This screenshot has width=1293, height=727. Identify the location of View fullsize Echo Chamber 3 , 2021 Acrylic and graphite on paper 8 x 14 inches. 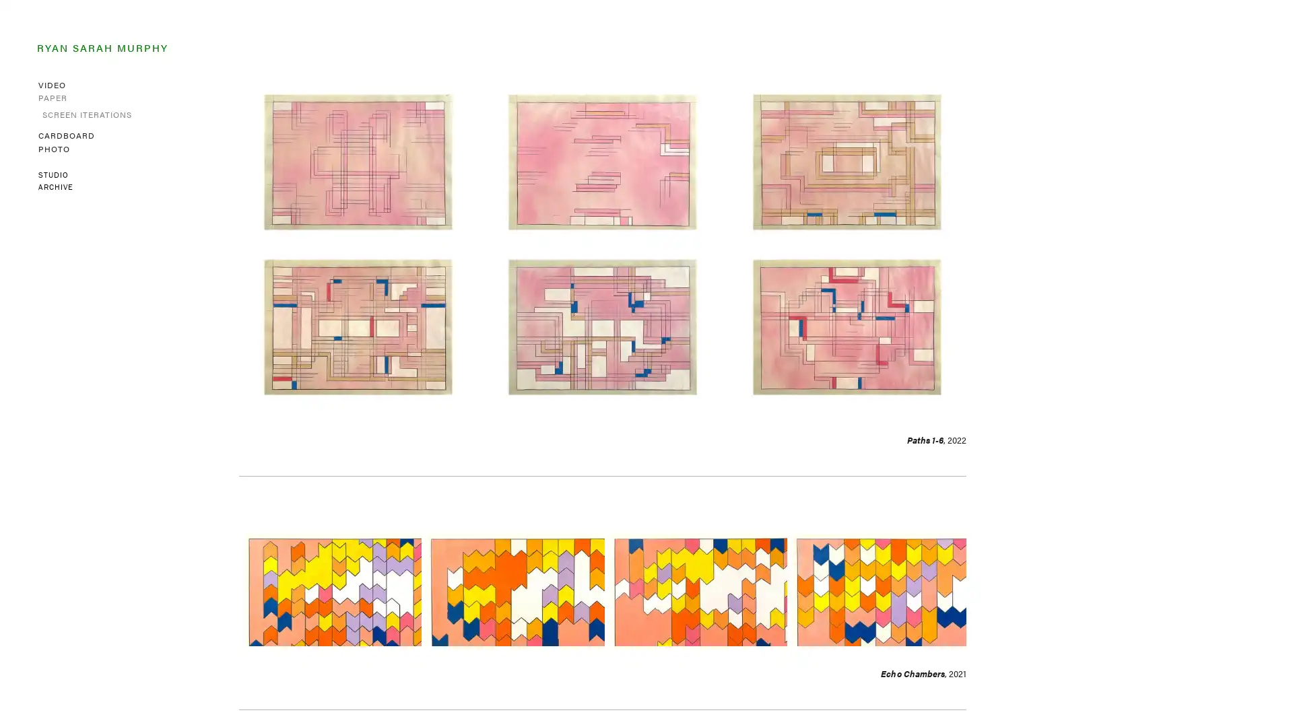
(694, 574).